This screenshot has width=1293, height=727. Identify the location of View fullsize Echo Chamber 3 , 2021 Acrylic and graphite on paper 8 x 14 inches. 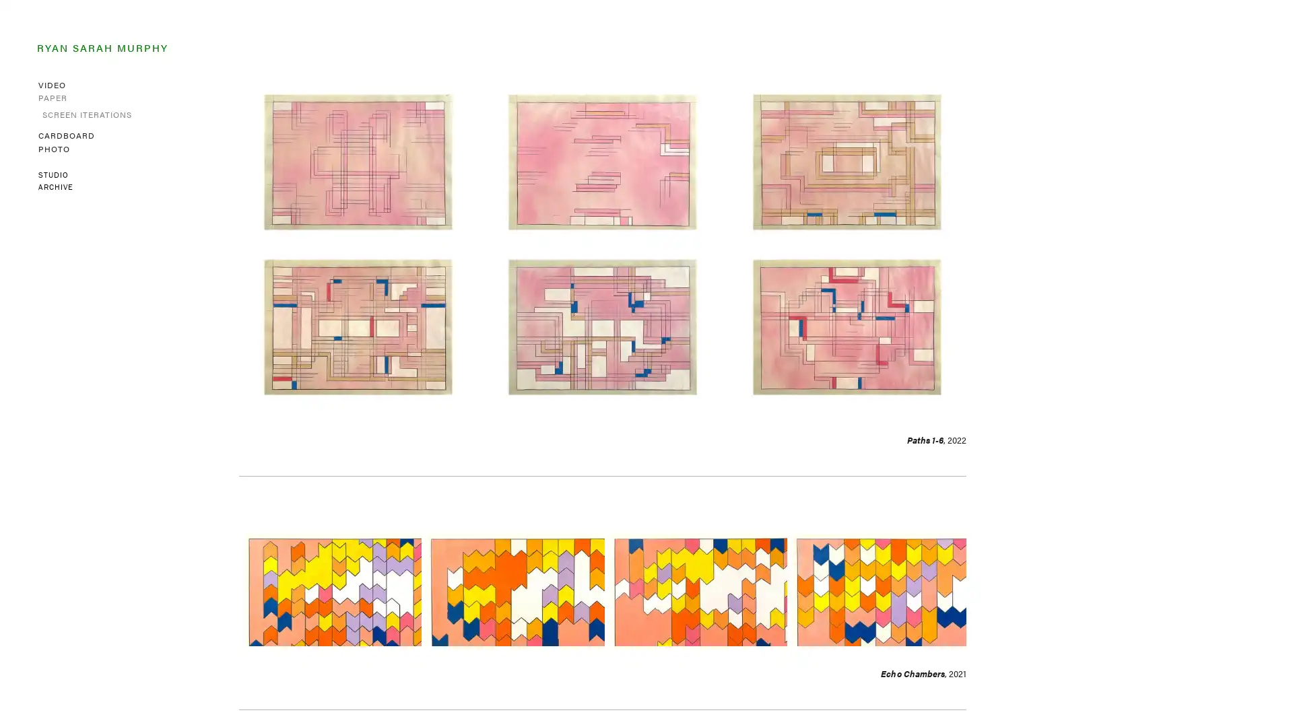
(694, 574).